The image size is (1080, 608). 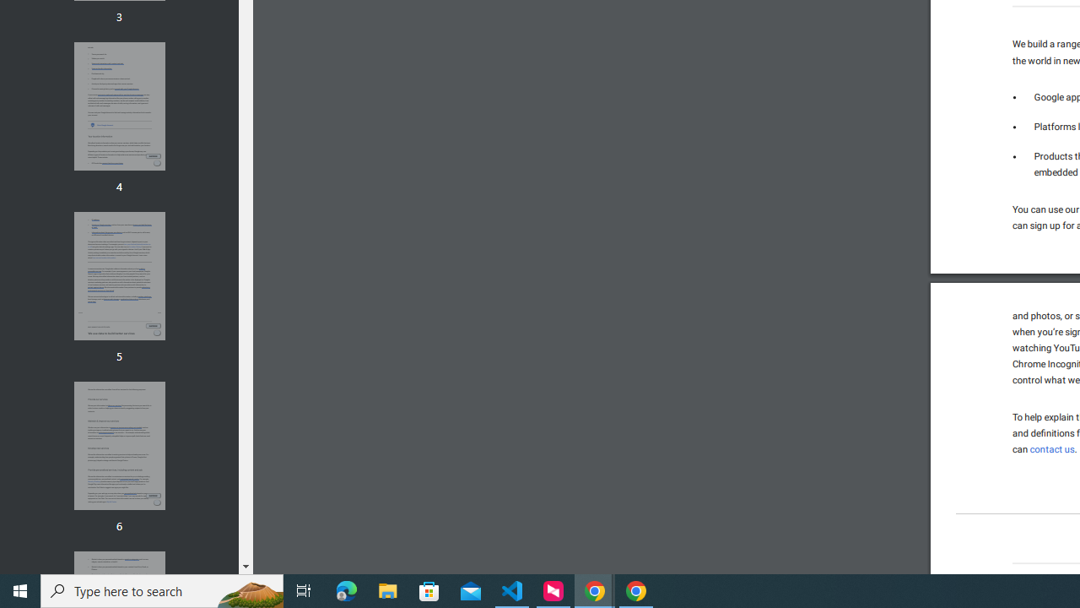 I want to click on 'Thumbnail for page 4', so click(x=118, y=106).